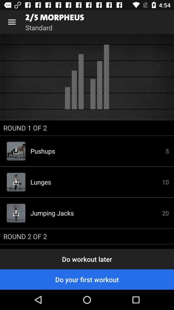  Describe the element at coordinates (16, 182) in the screenshot. I see `the image which is on the left side of lunges has download button on it` at that location.